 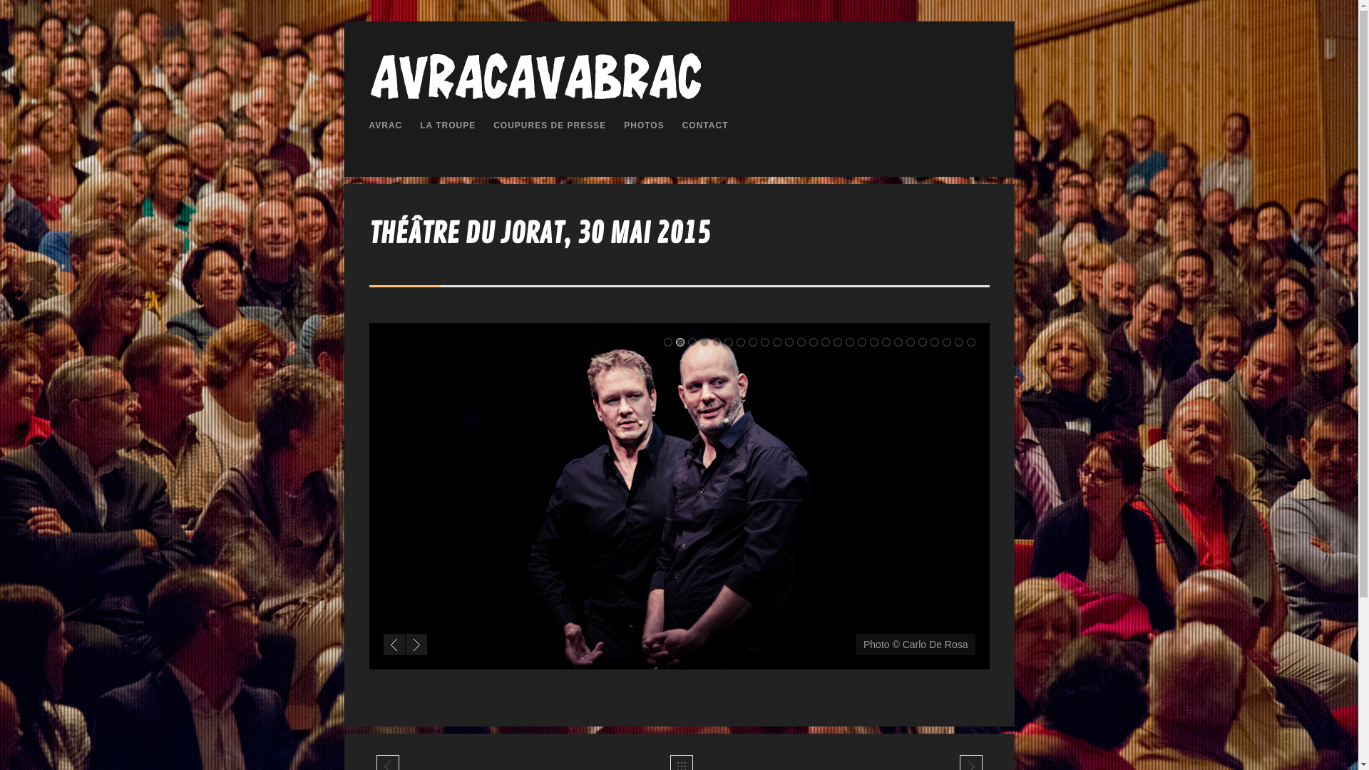 What do you see at coordinates (549, 125) in the screenshot?
I see `'COUPURES DE PRESSE'` at bounding box center [549, 125].